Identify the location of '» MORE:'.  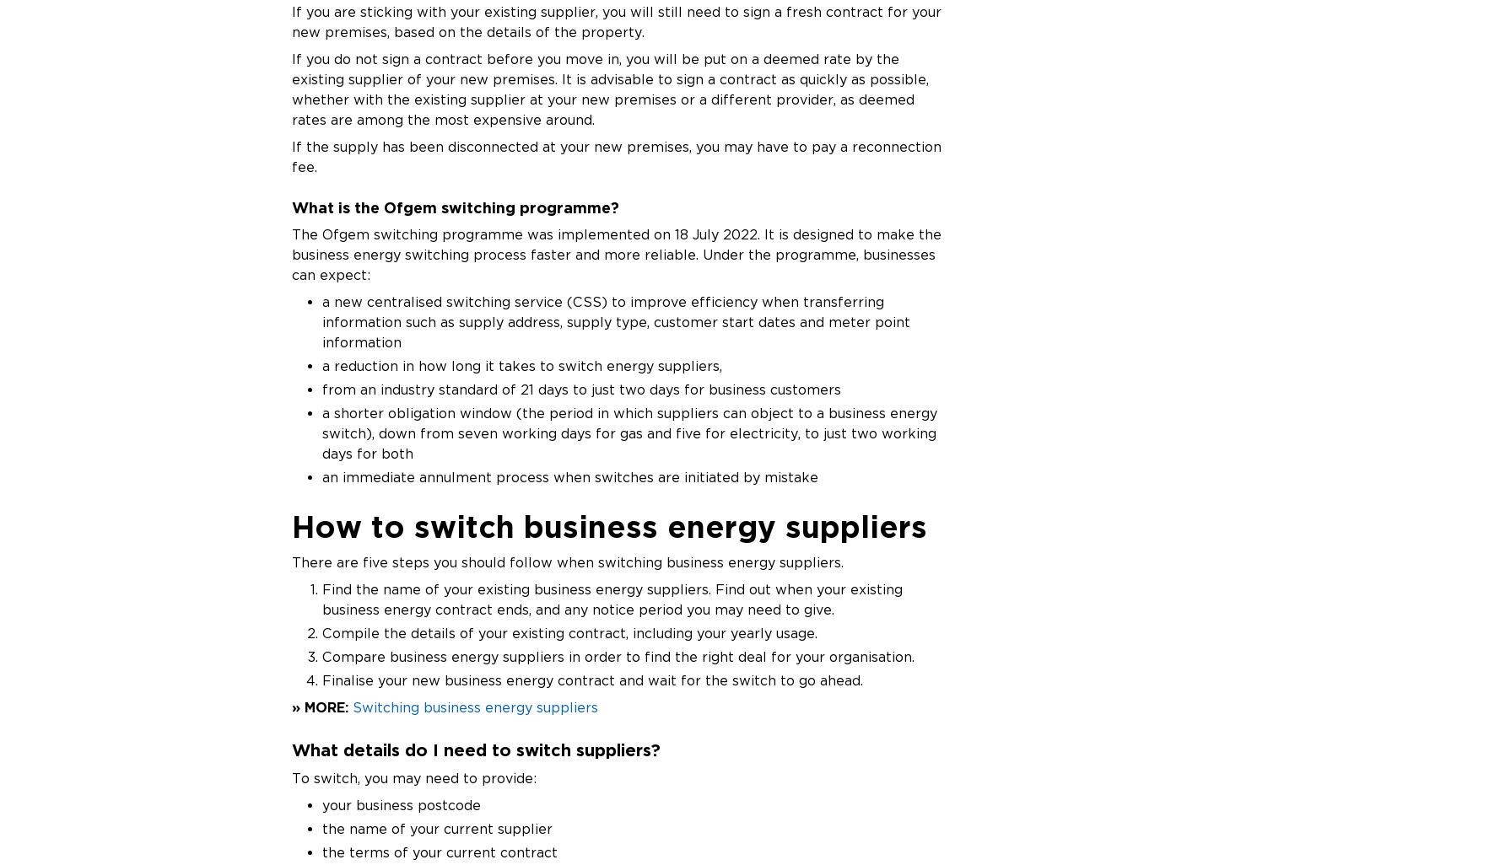
(319, 707).